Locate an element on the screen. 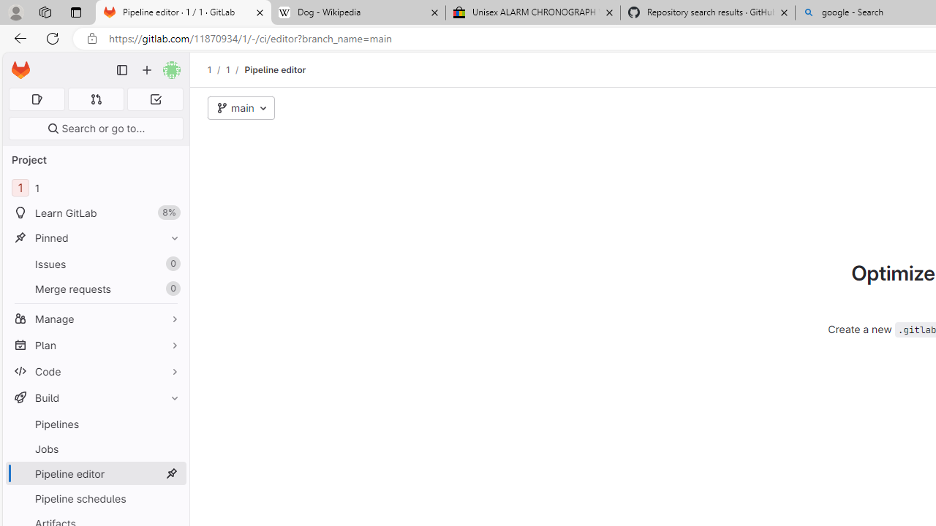 This screenshot has height=526, width=936. '1' is located at coordinates (227, 69).